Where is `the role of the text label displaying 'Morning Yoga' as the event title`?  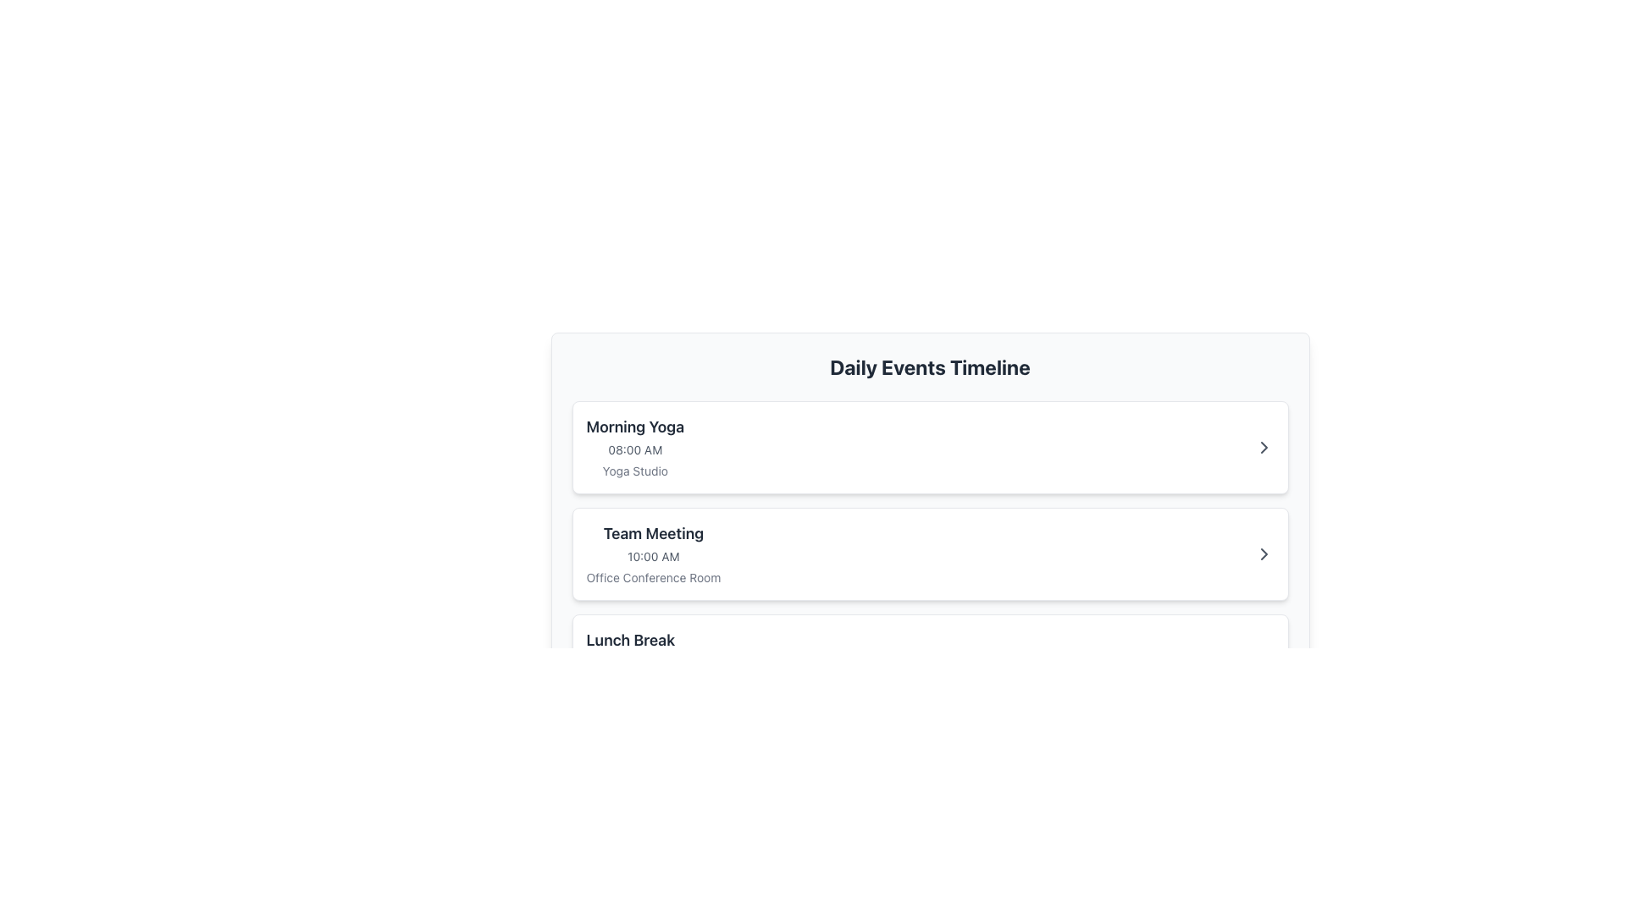
the role of the text label displaying 'Morning Yoga' as the event title is located at coordinates (634, 427).